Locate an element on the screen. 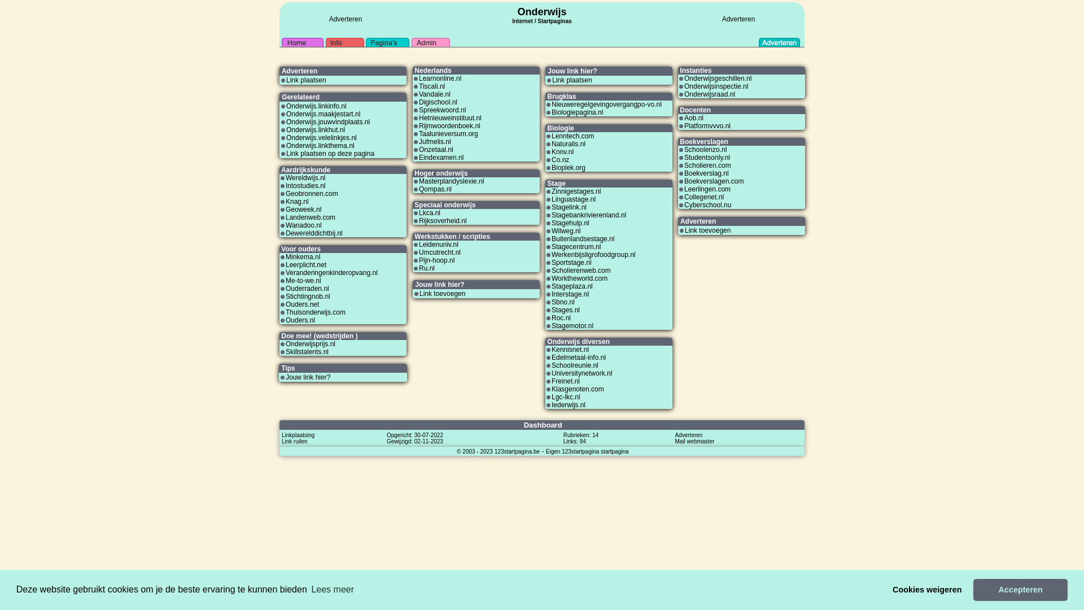  'Lgc-lkc.nl' is located at coordinates (566, 396).